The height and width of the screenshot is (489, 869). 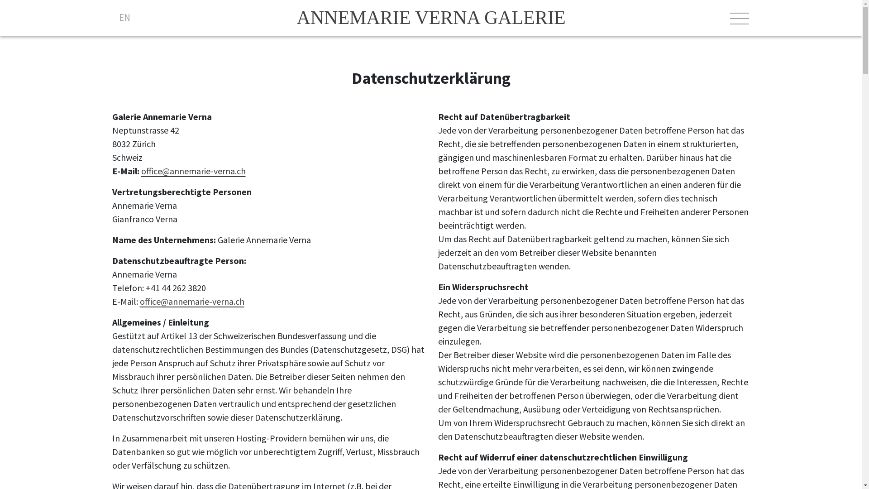 I want to click on 'EN', so click(x=124, y=17).